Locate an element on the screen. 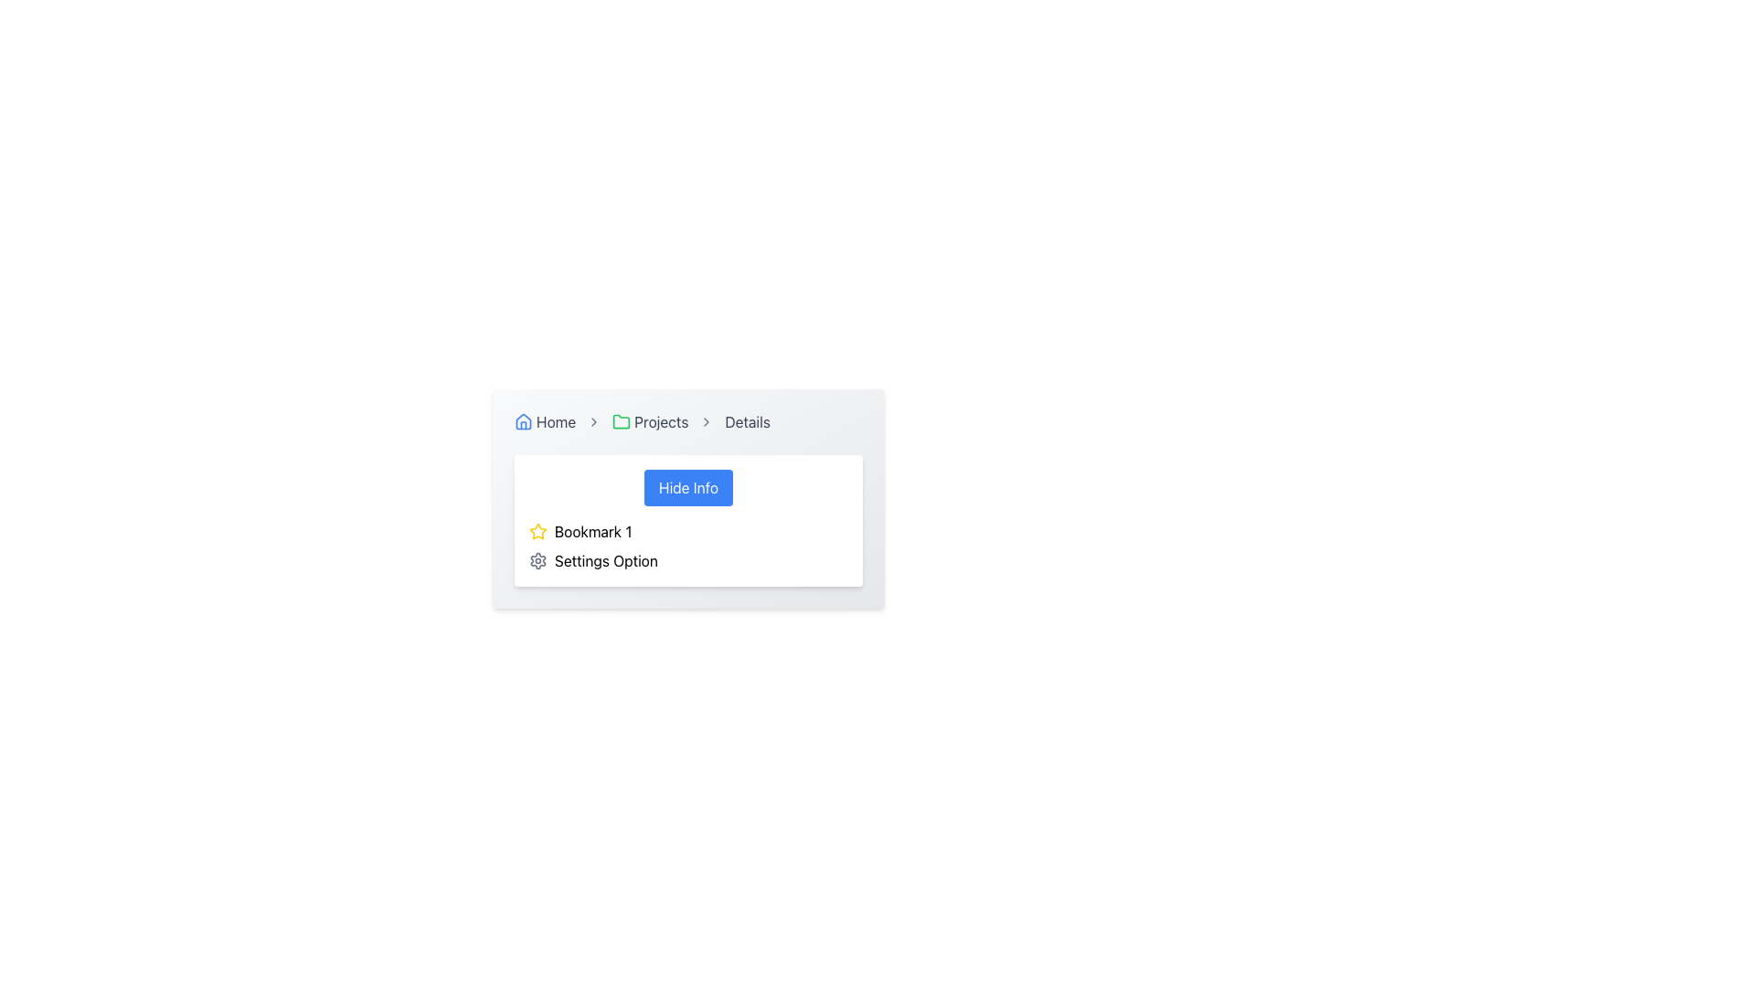 This screenshot has width=1755, height=987. the gear-shaped icon, which is gray and located to the left of the 'Settings Option' text is located at coordinates (537, 559).